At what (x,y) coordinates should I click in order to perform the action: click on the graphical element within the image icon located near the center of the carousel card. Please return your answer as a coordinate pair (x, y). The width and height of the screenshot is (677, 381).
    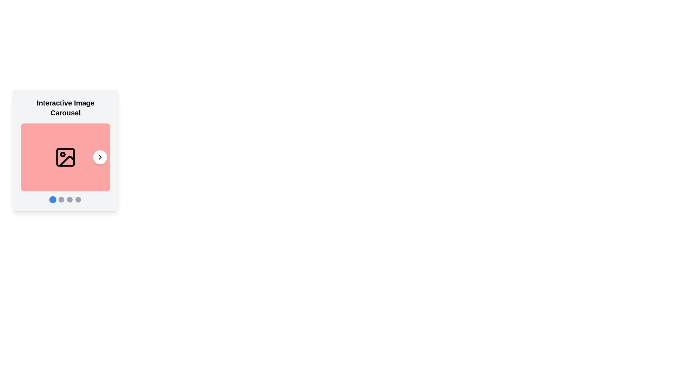
    Looking at the image, I should click on (66, 157).